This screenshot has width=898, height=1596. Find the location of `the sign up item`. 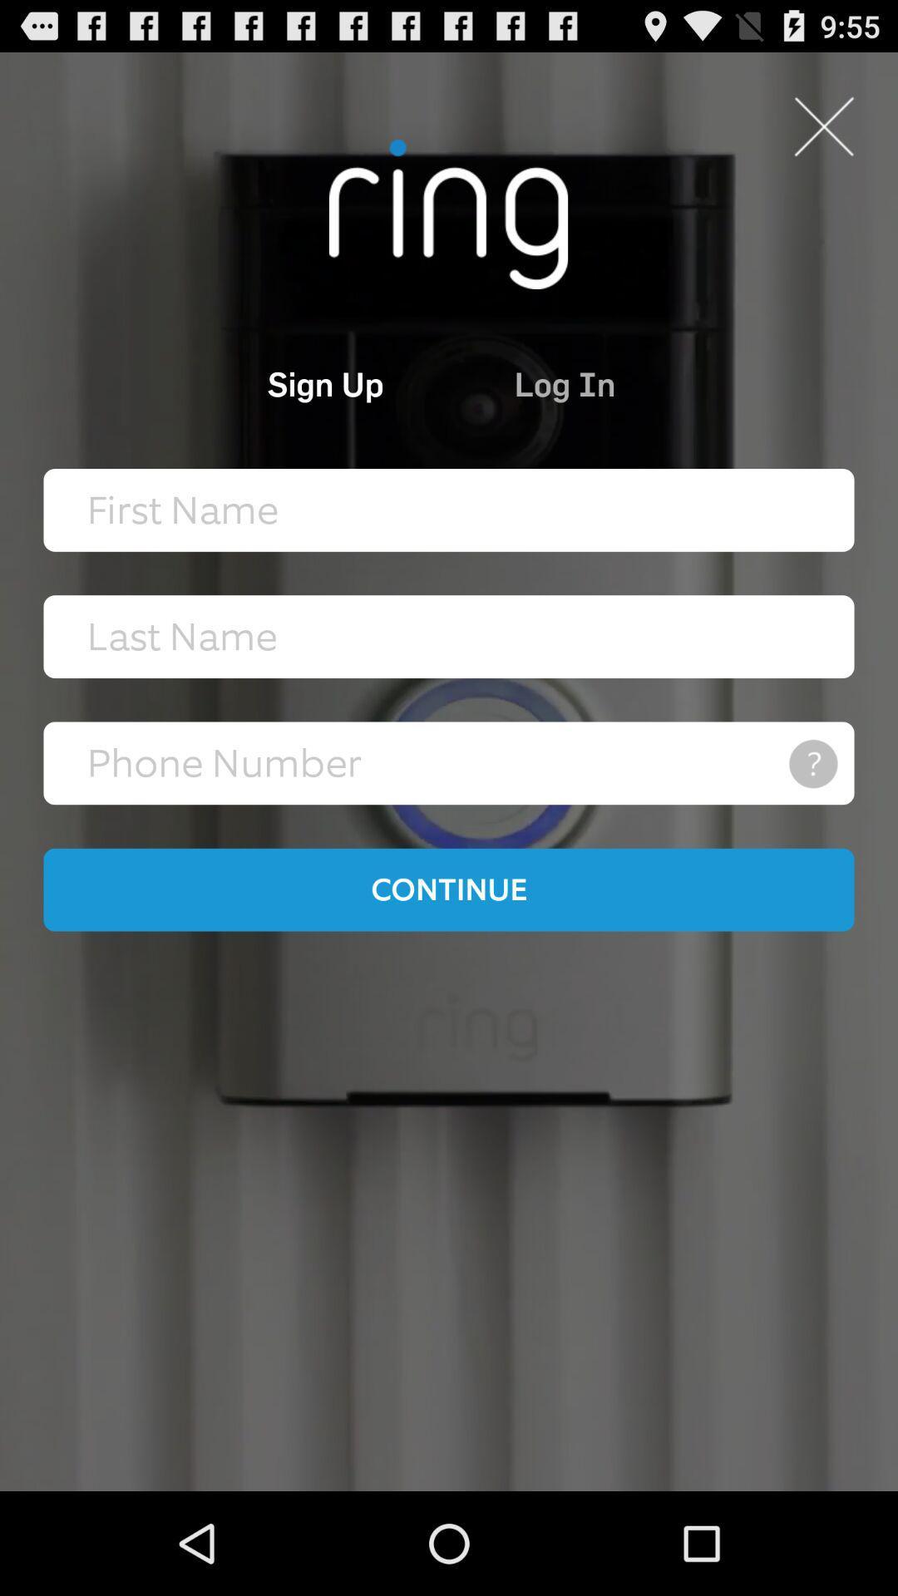

the sign up item is located at coordinates (257, 382).